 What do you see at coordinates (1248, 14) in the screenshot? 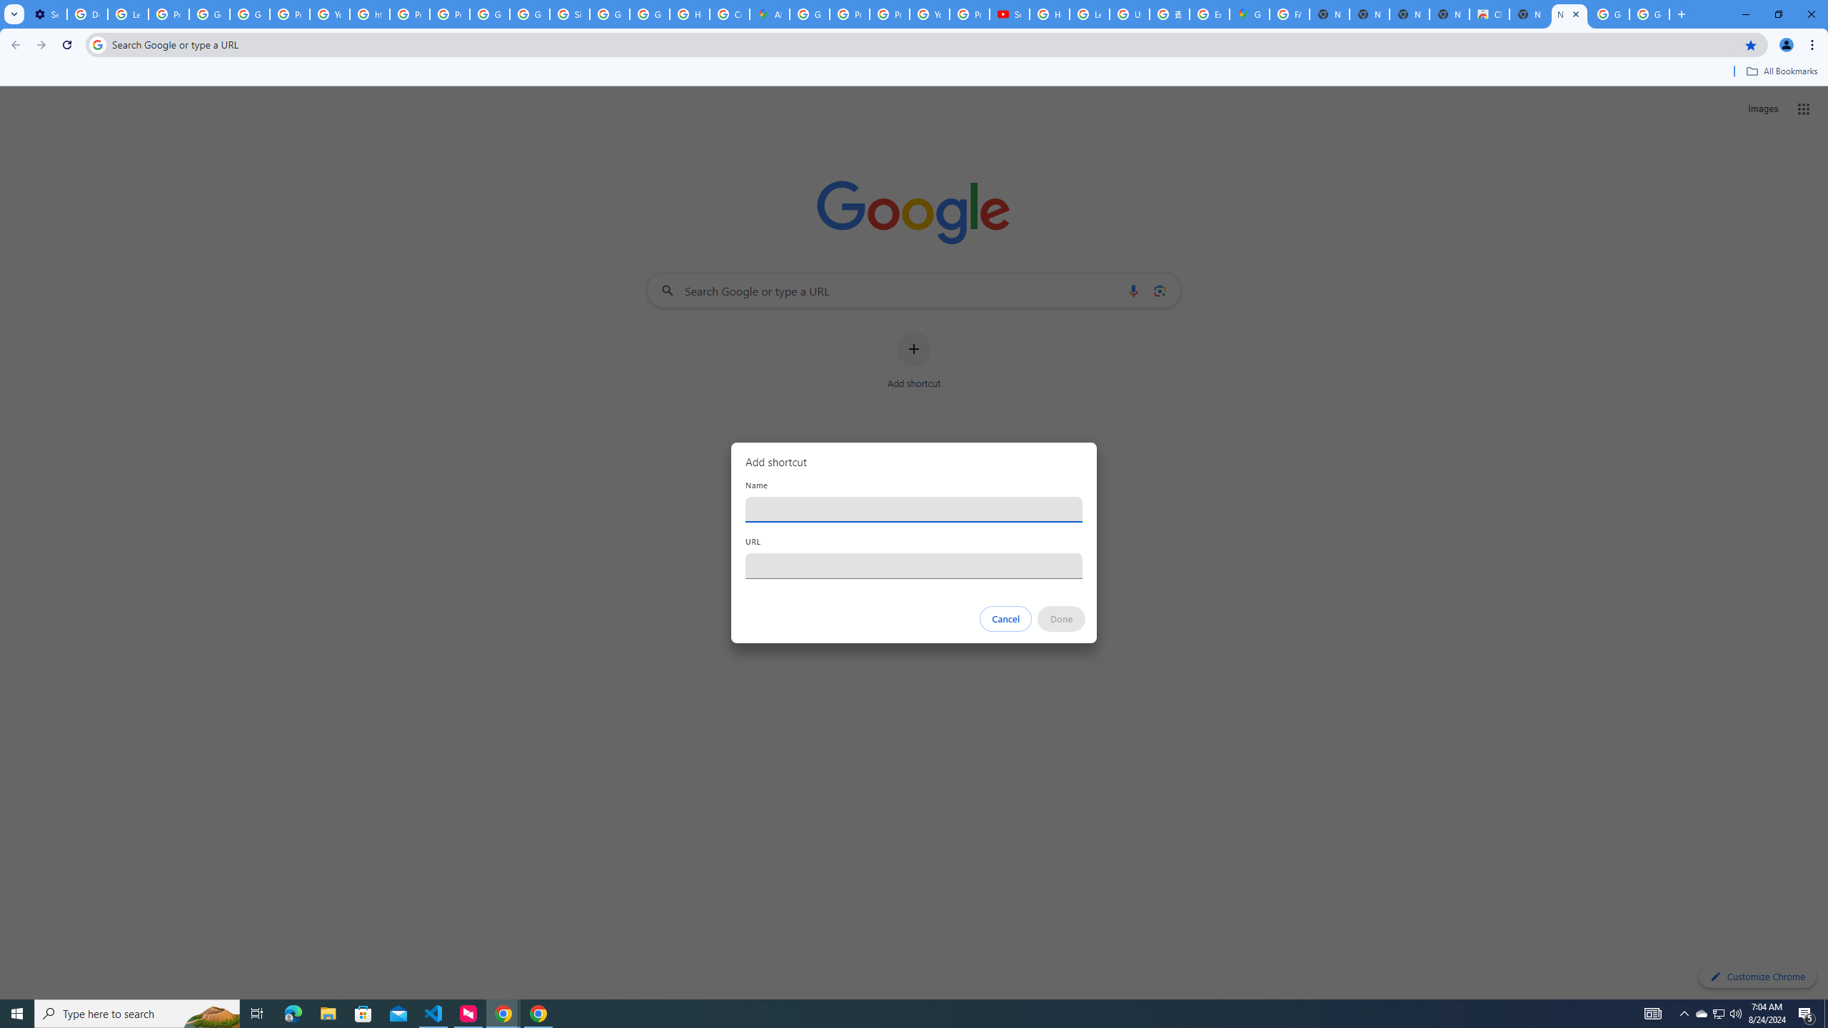
I see `'Google Maps'` at bounding box center [1248, 14].